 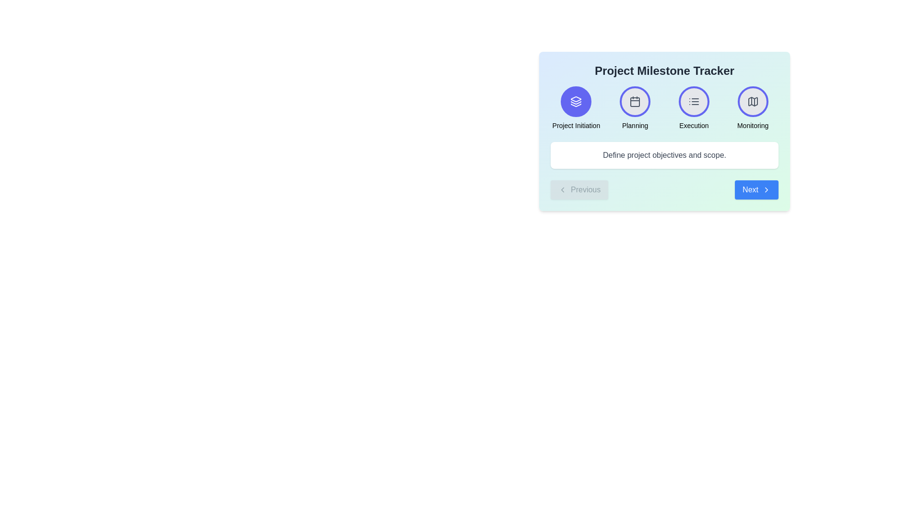 What do you see at coordinates (635, 108) in the screenshot?
I see `the 'Planning' milestone step icon, which is represented by a calendar symbol in a circular design with the text label 'Planning' underneath, located as the second element in a row of four items` at bounding box center [635, 108].